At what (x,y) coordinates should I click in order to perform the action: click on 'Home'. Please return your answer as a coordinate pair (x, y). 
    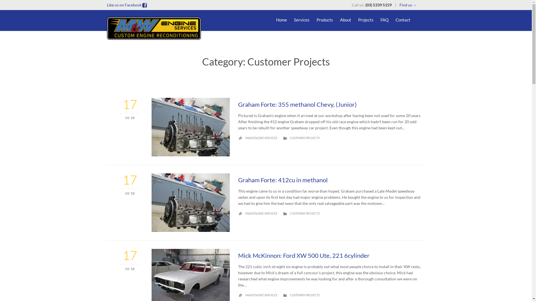
    Looking at the image, I should click on (281, 20).